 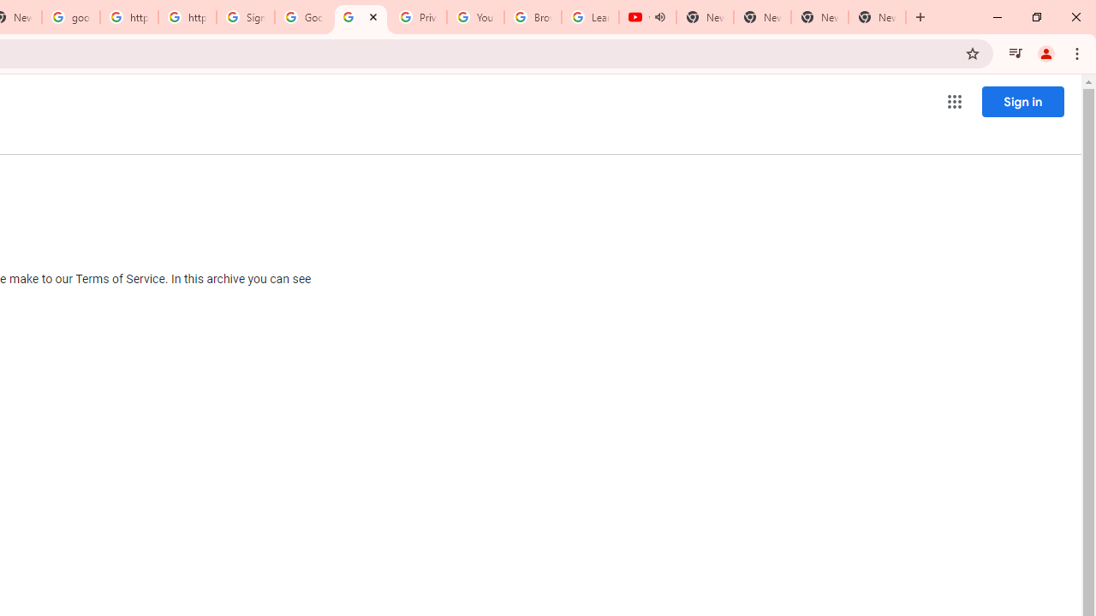 I want to click on 'Control your music, videos, and more', so click(x=1015, y=52).